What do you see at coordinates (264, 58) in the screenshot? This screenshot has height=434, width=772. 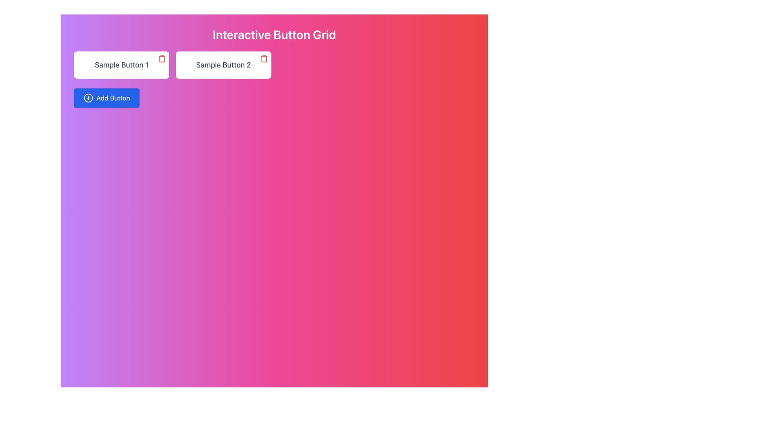 I see `the small red trash bin icon in the top-right corner of the 'Sample Button 2' card` at bounding box center [264, 58].